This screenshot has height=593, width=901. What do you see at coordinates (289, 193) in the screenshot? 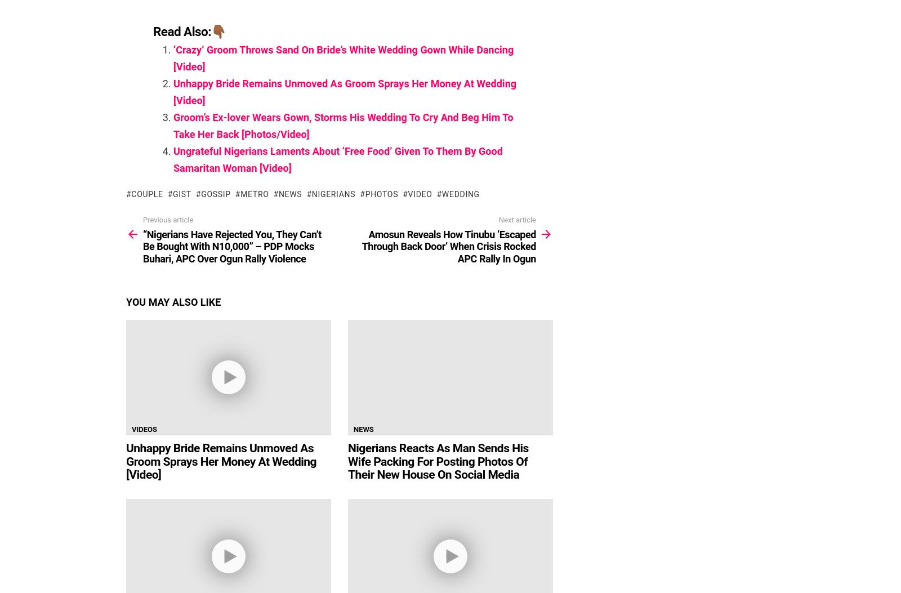
I see `'News'` at bounding box center [289, 193].